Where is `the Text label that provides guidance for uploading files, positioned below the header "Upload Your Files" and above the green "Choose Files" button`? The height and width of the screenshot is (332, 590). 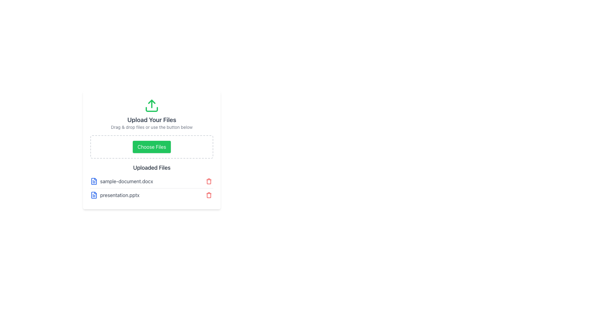 the Text label that provides guidance for uploading files, positioned below the header "Upload Your Files" and above the green "Choose Files" button is located at coordinates (152, 127).